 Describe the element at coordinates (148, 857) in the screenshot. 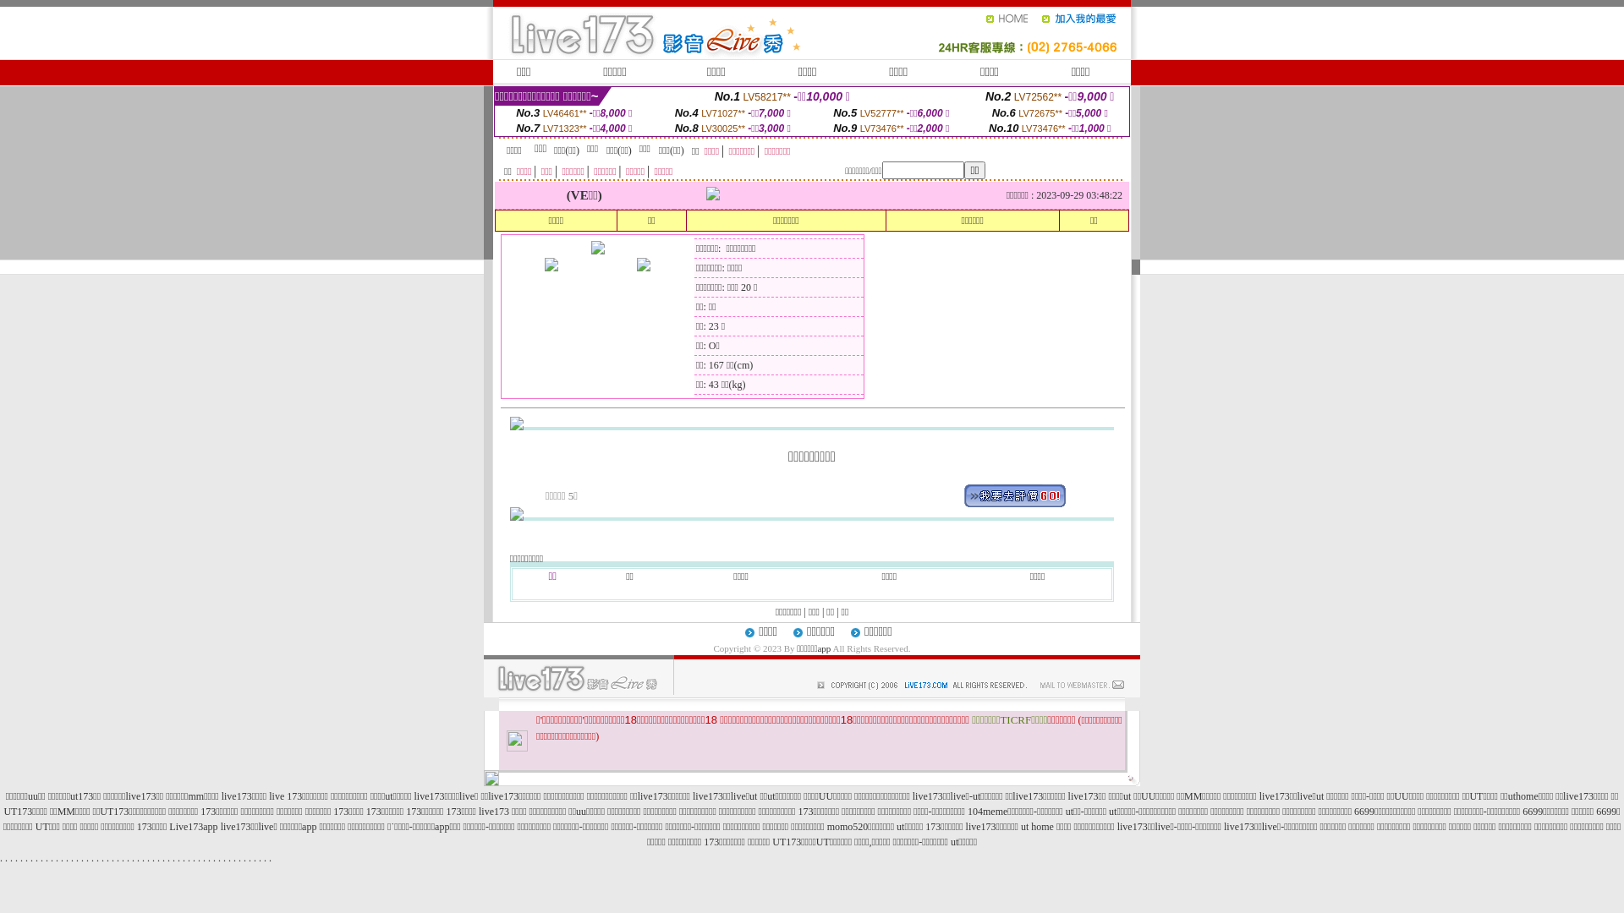

I see `'.'` at that location.